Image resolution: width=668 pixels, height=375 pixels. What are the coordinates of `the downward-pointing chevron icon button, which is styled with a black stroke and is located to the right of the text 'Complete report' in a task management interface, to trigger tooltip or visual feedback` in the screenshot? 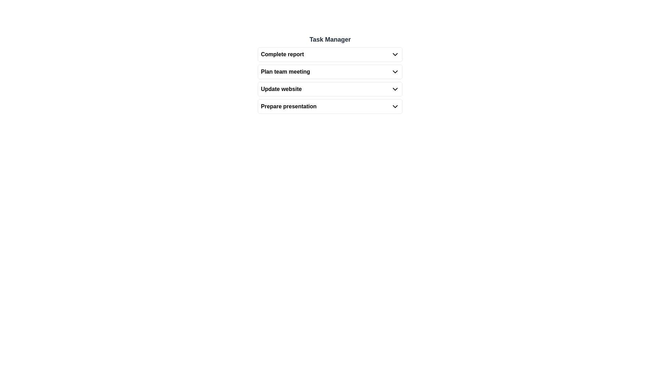 It's located at (395, 54).